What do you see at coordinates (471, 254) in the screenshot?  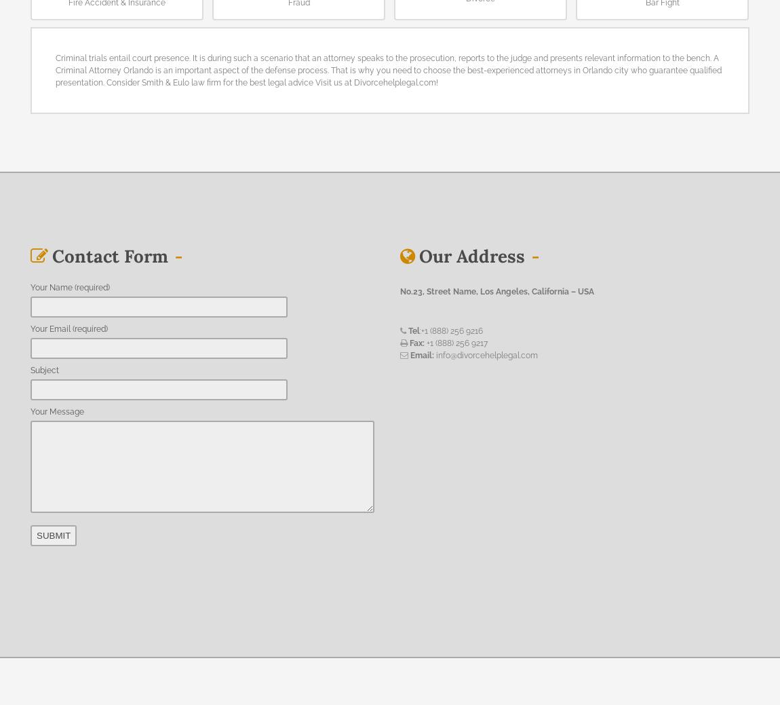 I see `'Our Address'` at bounding box center [471, 254].